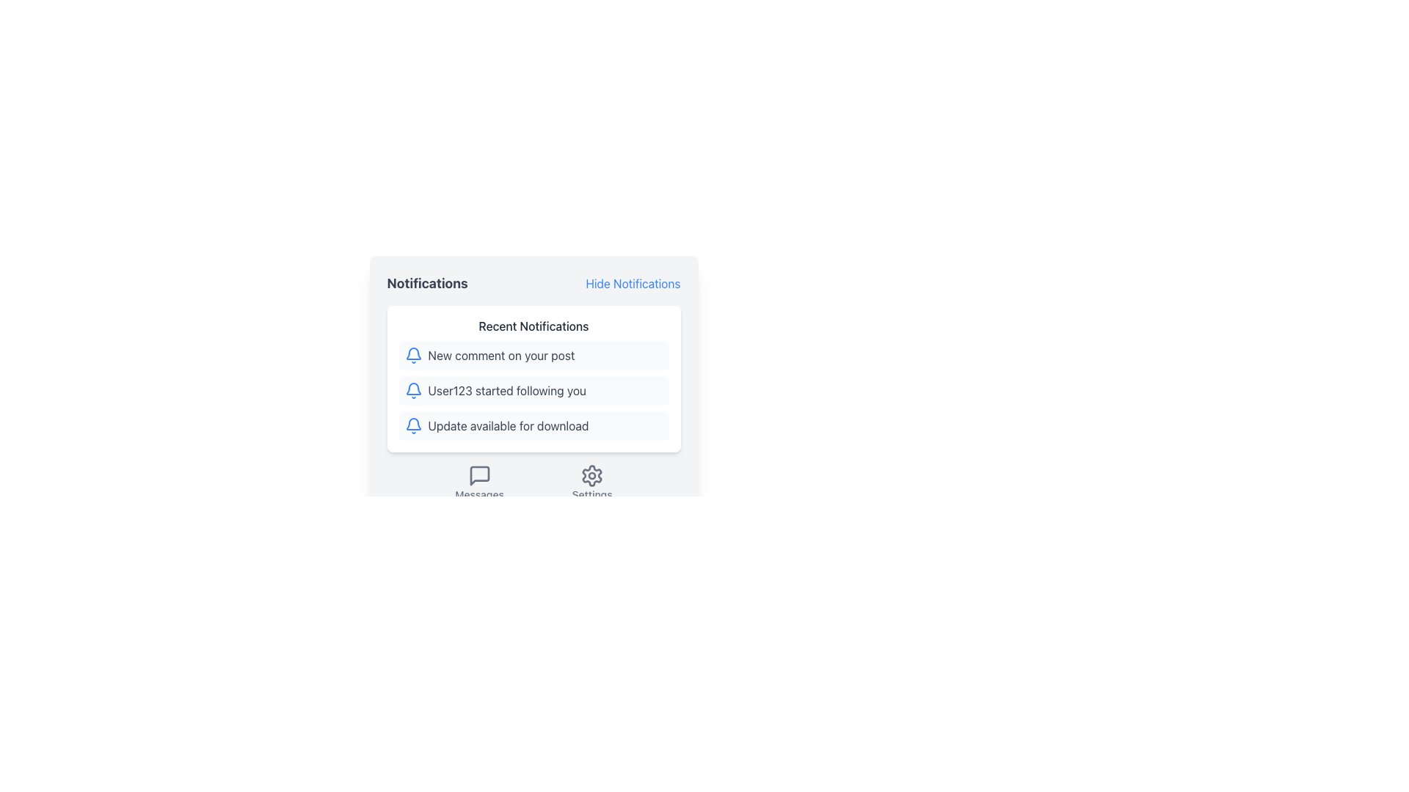  I want to click on the notification type indicator icon, which resembles a bell with a blue outline, located in the 'Recent Notifications' section of the 'Notifications' panel, so click(412, 356).